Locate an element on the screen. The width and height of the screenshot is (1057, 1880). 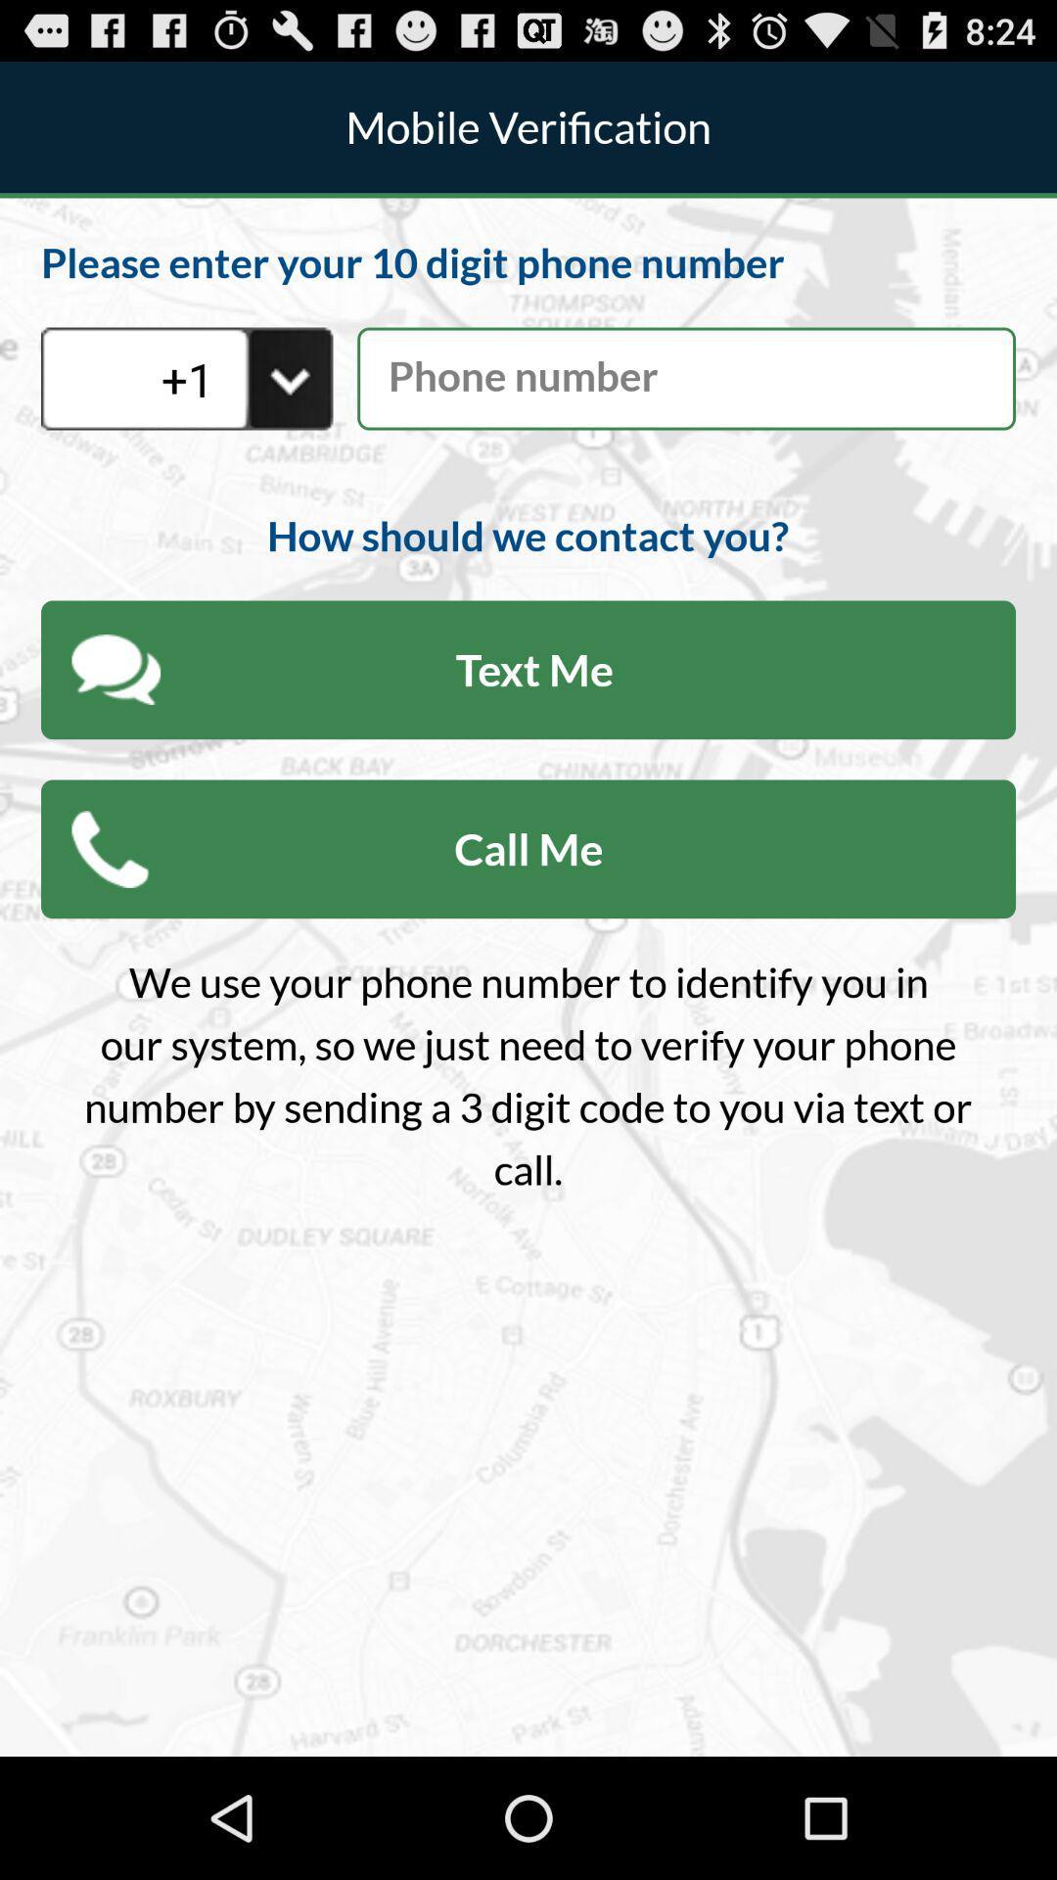
phone number is located at coordinates (685, 379).